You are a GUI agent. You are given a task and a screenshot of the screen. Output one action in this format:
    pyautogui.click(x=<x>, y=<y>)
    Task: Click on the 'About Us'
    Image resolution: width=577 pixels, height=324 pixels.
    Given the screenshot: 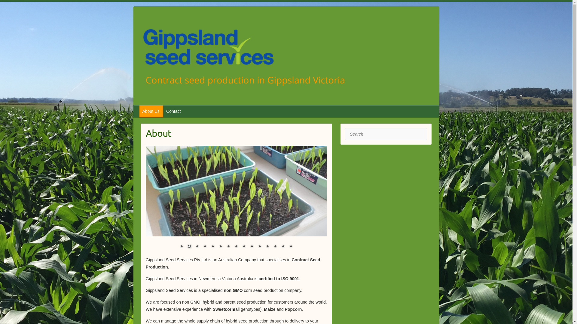 What is the action you would take?
    pyautogui.click(x=151, y=111)
    